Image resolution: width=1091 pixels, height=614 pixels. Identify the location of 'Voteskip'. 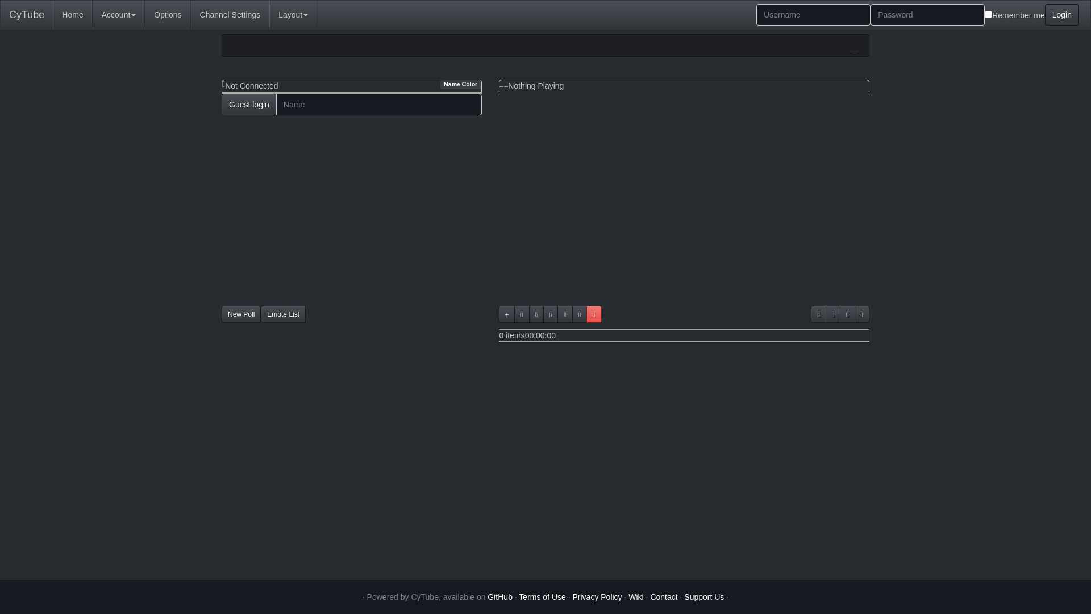
(861, 314).